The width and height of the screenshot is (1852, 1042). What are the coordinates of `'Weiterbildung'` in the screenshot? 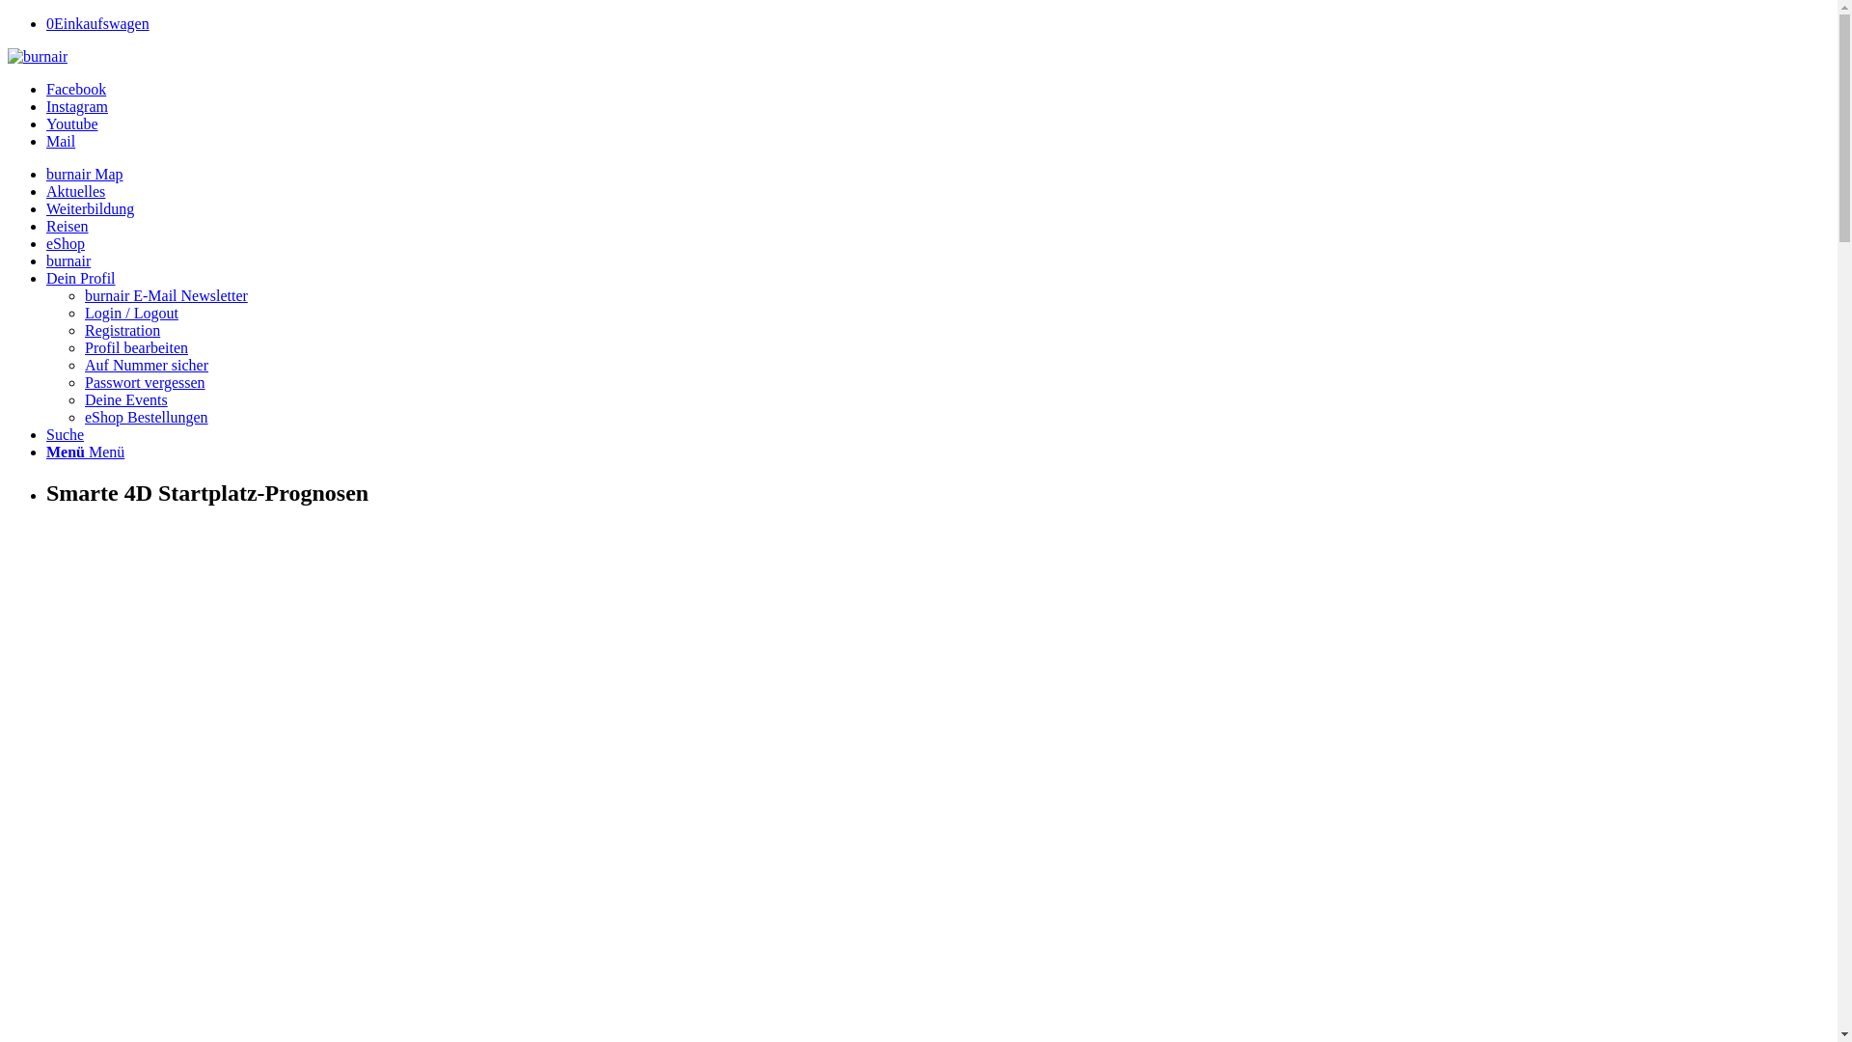 It's located at (46, 208).